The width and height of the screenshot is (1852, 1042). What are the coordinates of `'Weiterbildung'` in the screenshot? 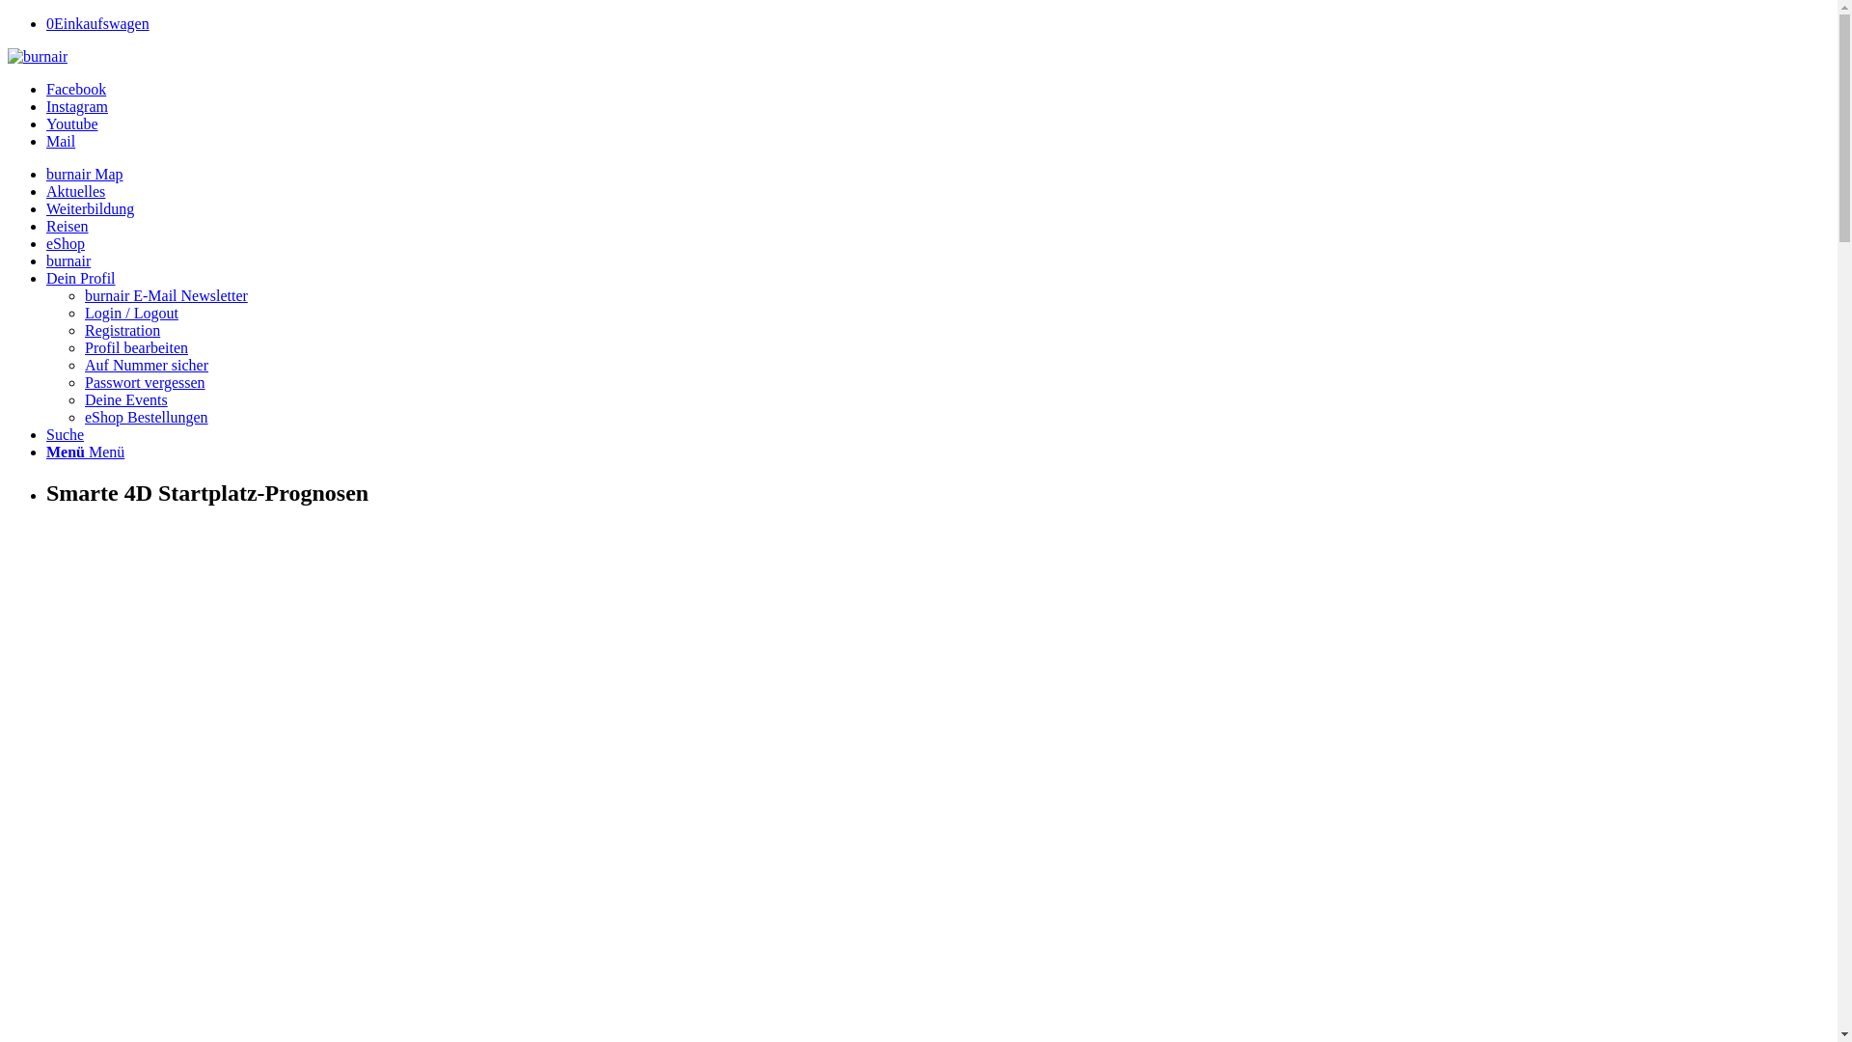 It's located at (46, 208).